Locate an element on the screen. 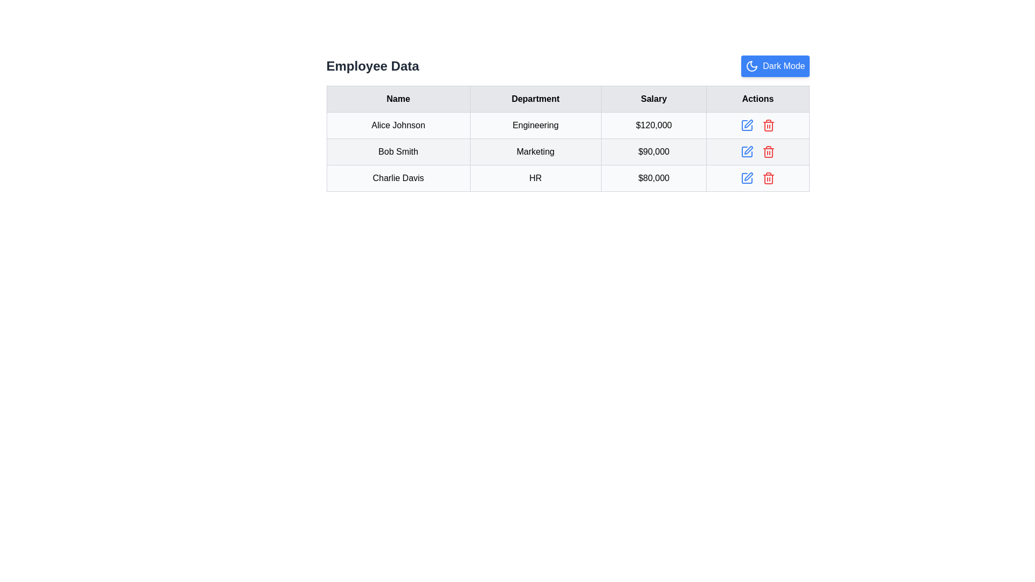  text displayed in the 'Department' cell of the Employee Data table, which indicates that Bob Smith works in the Marketing department is located at coordinates (535, 151).